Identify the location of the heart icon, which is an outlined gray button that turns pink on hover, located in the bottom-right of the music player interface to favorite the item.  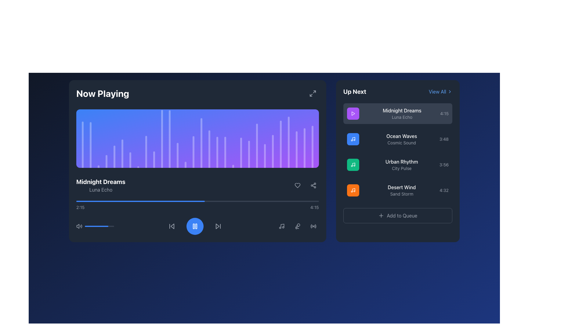
(297, 185).